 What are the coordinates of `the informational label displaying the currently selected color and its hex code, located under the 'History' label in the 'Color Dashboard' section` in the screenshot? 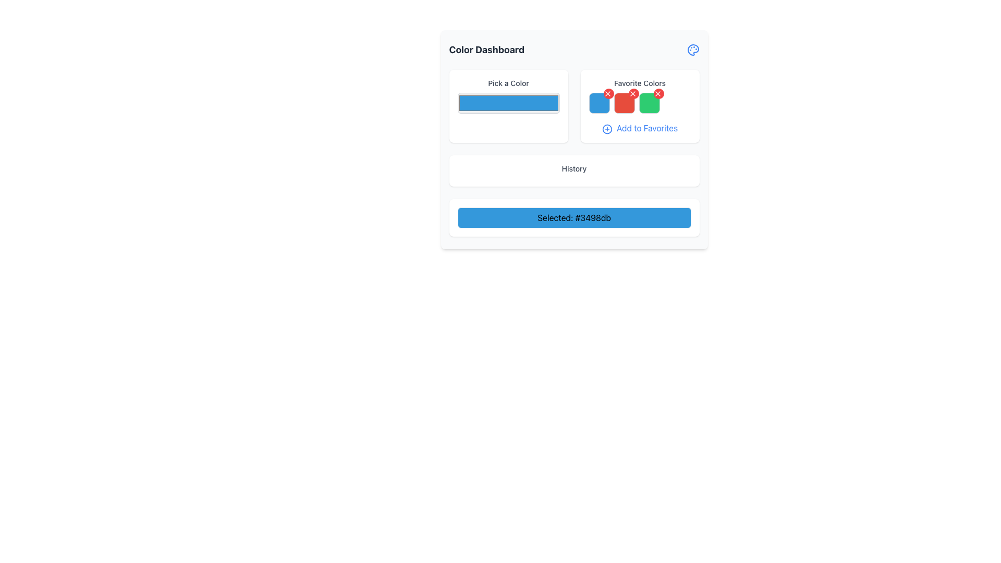 It's located at (573, 217).